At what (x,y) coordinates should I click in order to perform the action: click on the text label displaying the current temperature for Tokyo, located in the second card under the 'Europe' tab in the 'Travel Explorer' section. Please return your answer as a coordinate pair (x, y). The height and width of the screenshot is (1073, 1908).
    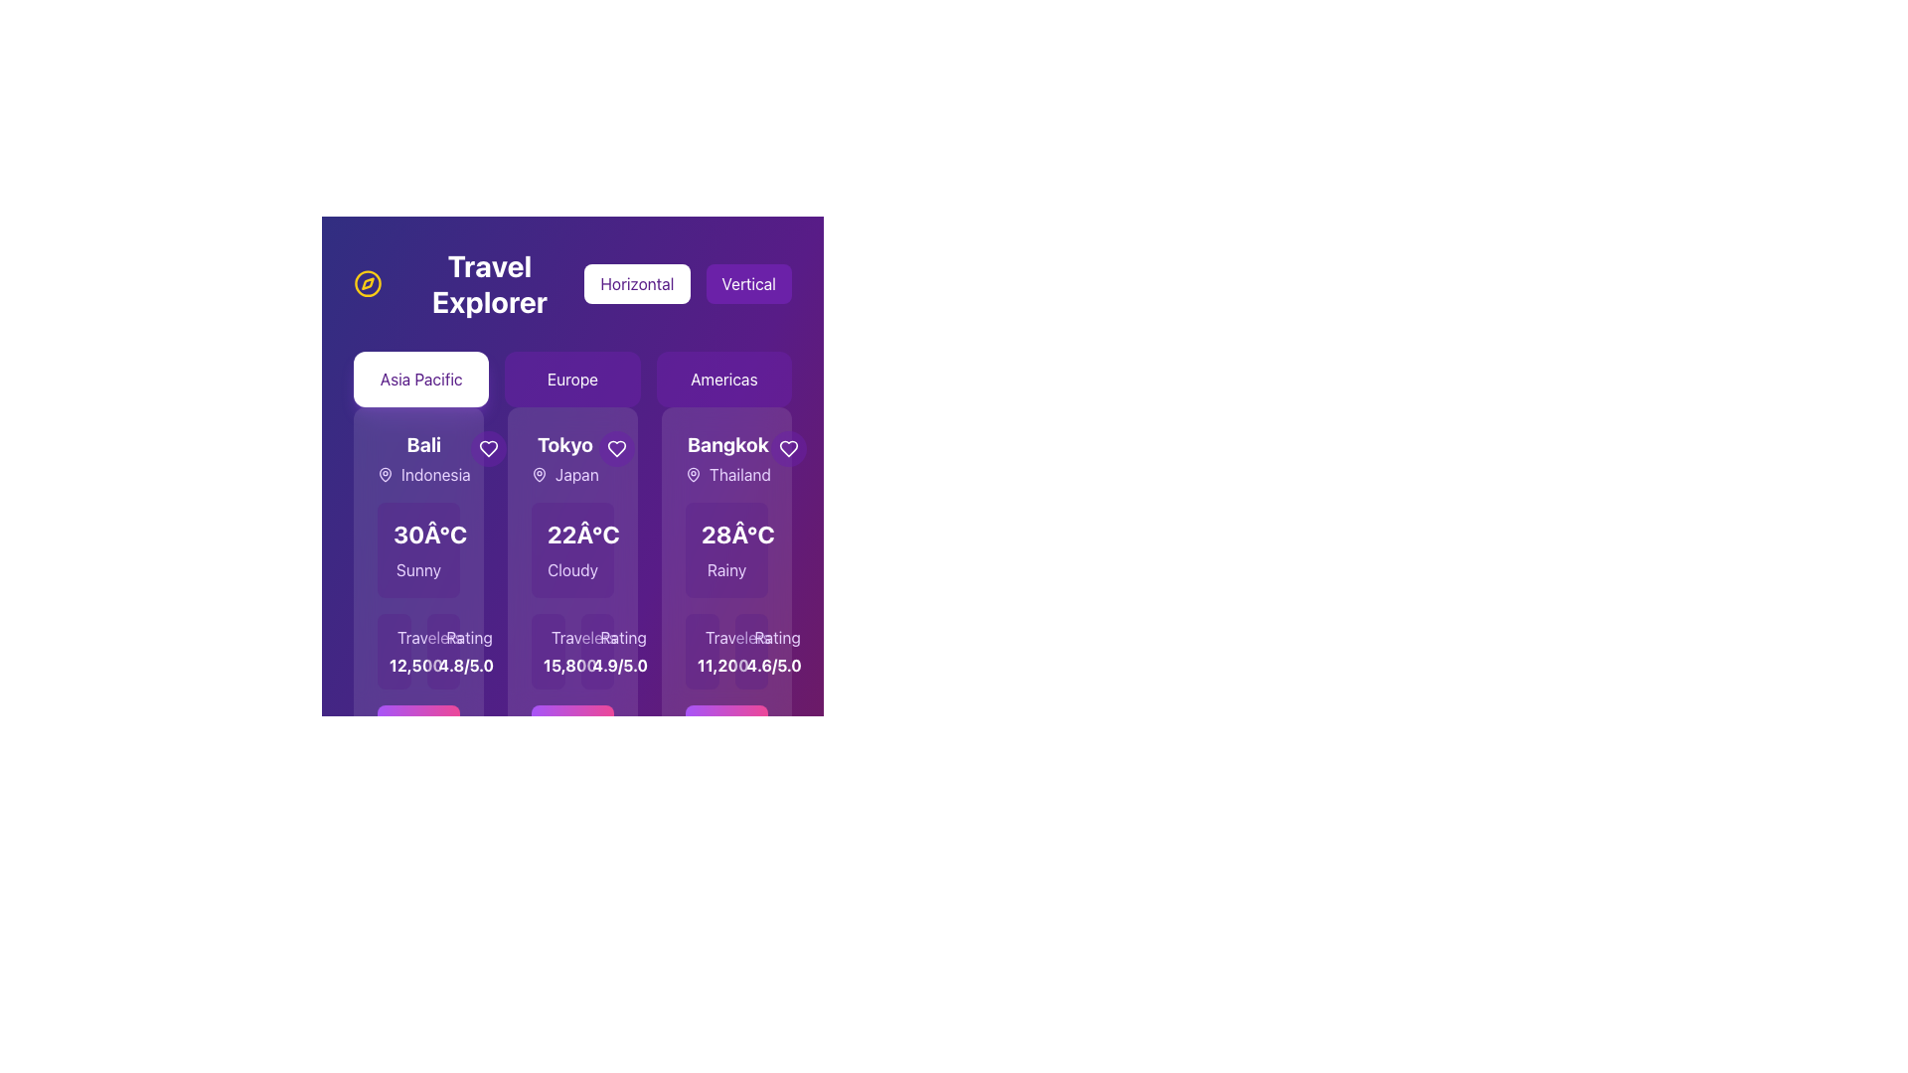
    Looking at the image, I should click on (582, 533).